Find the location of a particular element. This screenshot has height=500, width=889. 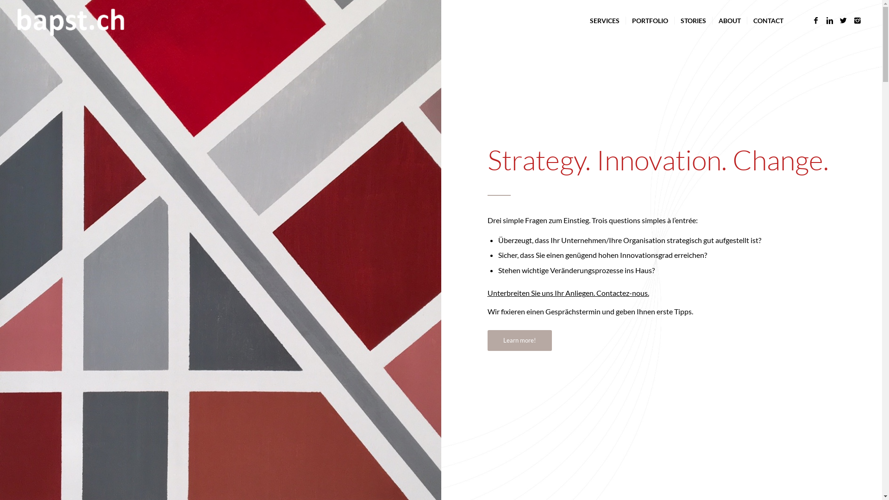

'Facebook' is located at coordinates (815, 20).